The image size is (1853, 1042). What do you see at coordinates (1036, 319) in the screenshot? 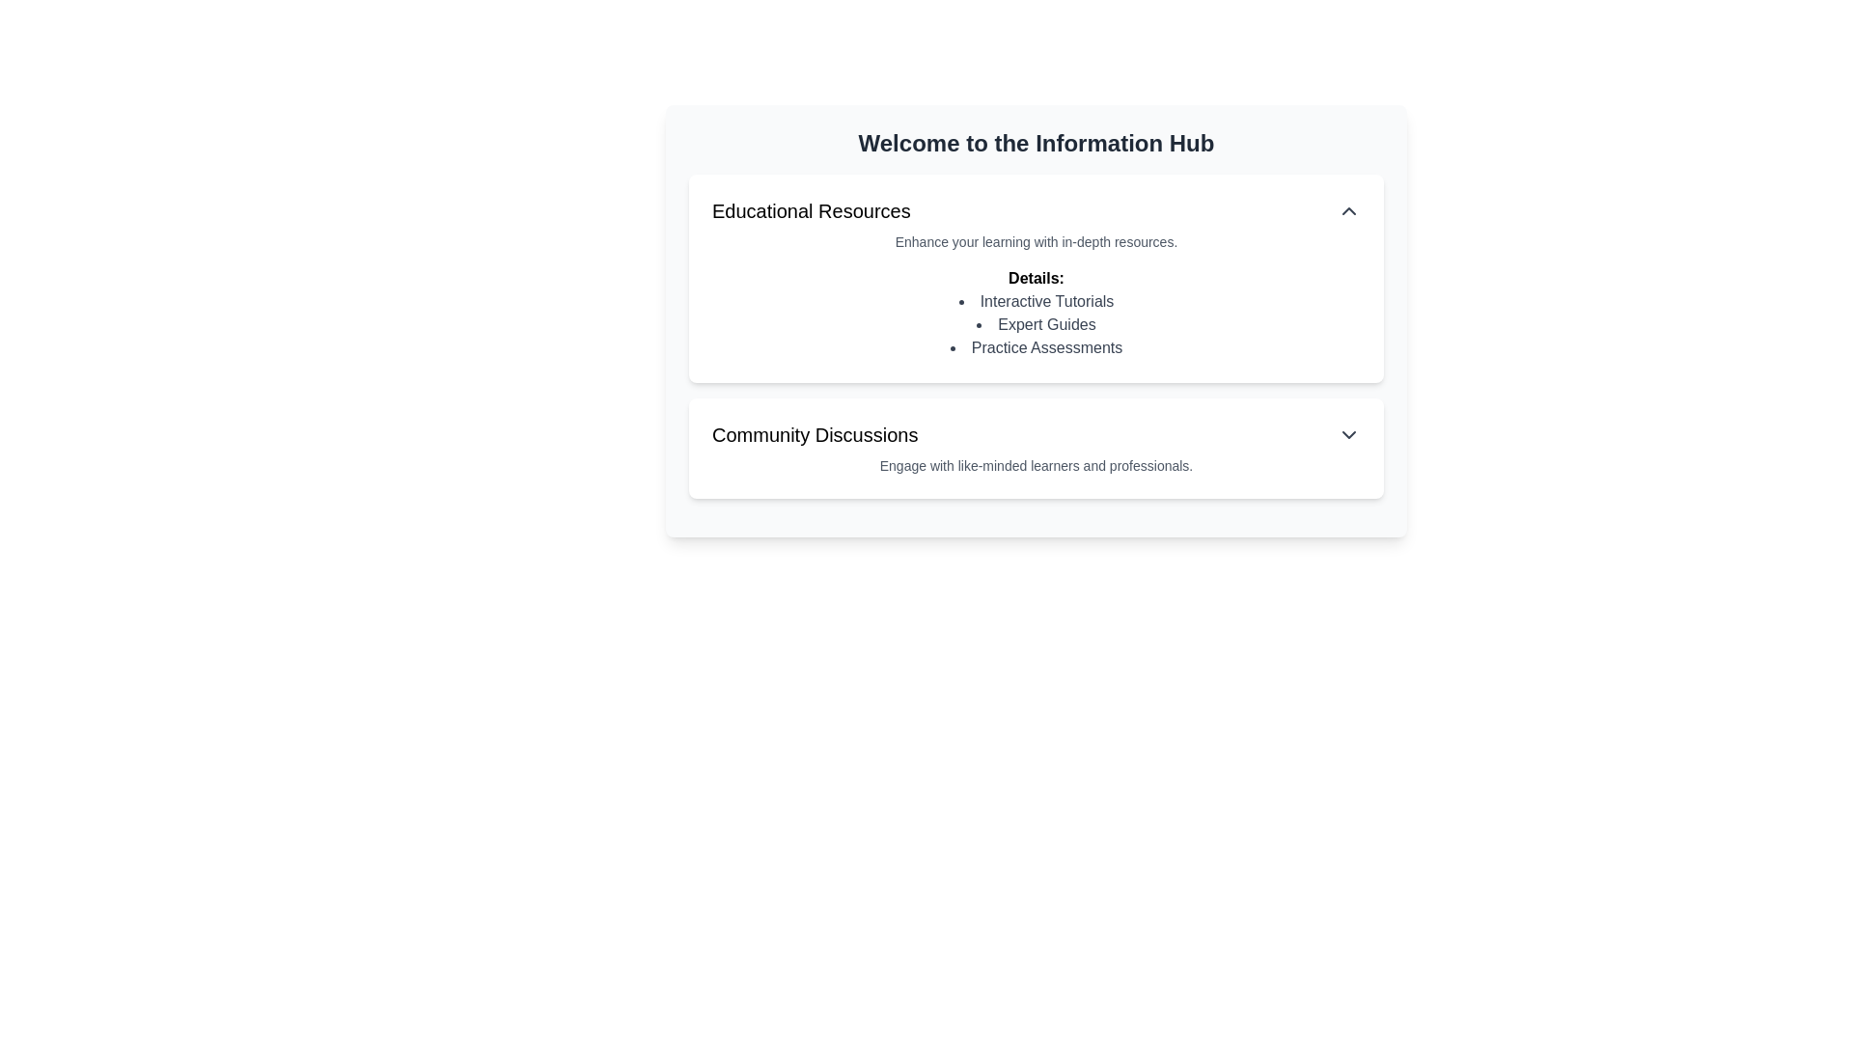
I see `the central composite UI component that organizes multiple sections related to information and learning resources` at bounding box center [1036, 319].